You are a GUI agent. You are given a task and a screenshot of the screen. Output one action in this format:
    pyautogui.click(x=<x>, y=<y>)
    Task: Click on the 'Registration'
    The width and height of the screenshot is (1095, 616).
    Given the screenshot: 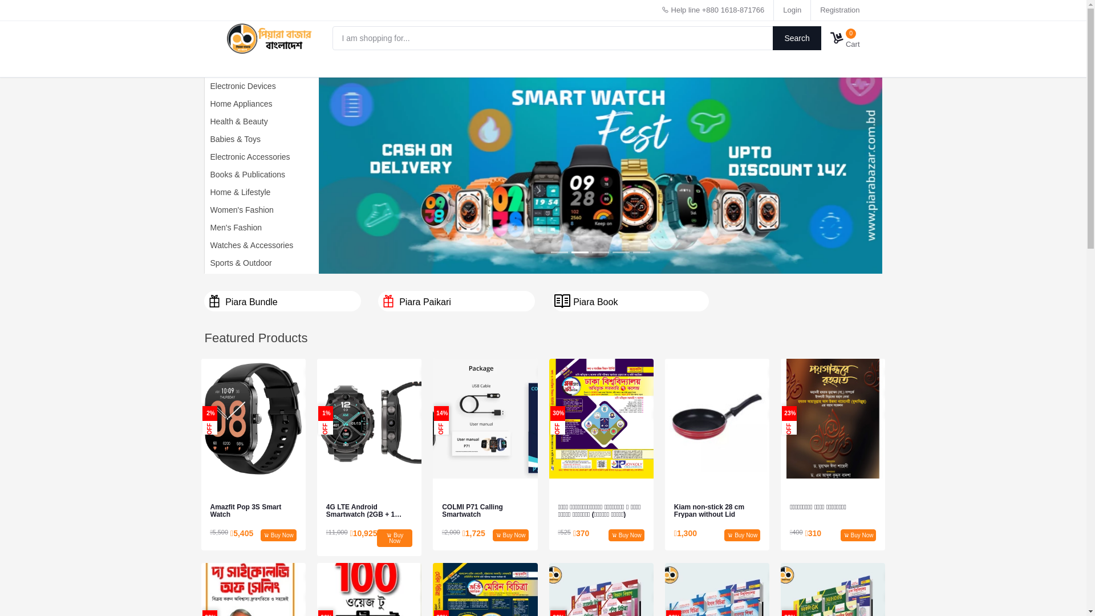 What is the action you would take?
    pyautogui.click(x=839, y=10)
    